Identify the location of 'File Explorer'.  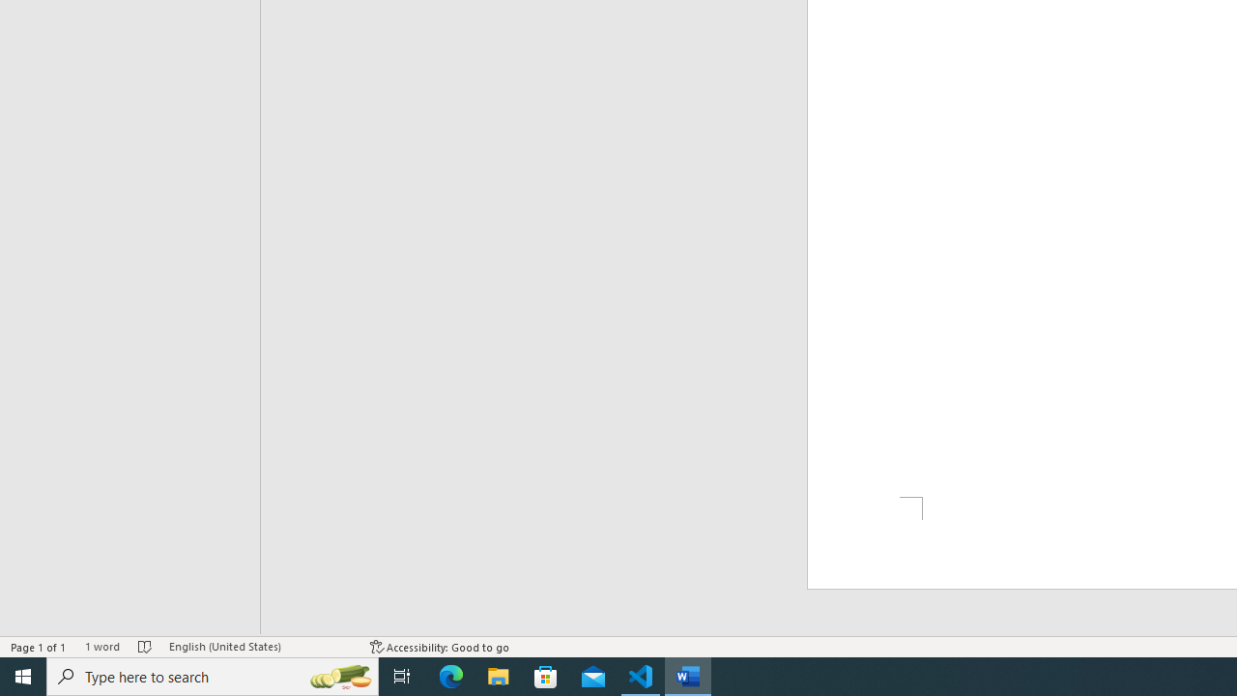
(499, 675).